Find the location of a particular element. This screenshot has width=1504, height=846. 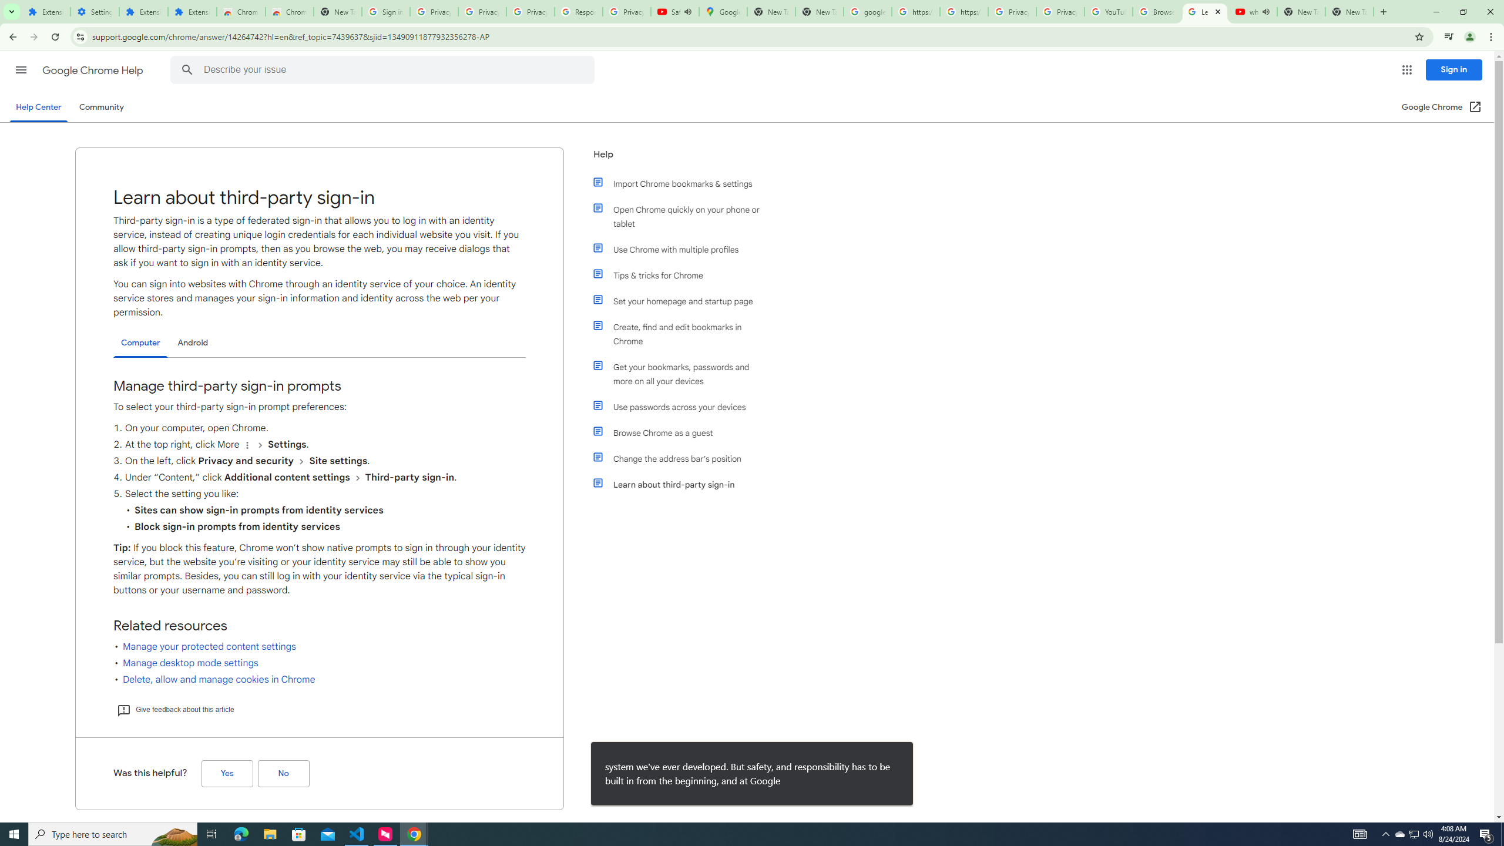

'https://scholar.google.com/' is located at coordinates (963, 11).